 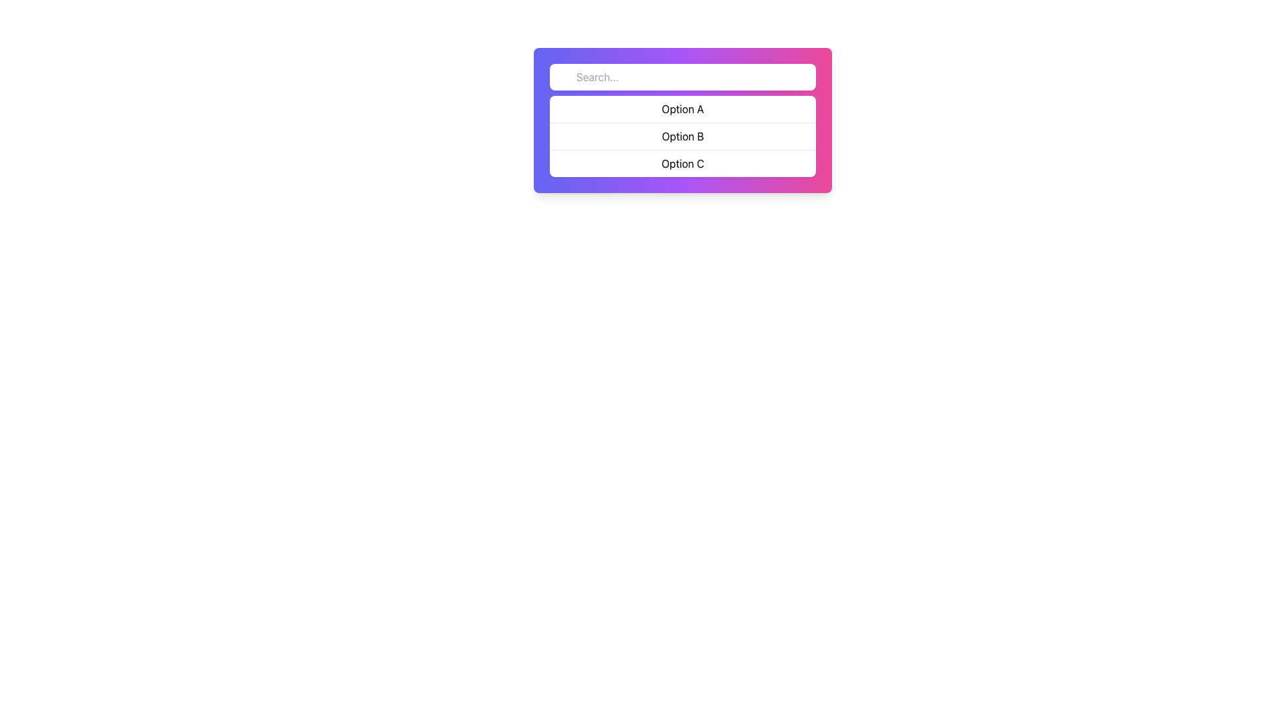 I want to click on the 'Option C' Text button in the dropdown menu, so click(x=683, y=162).